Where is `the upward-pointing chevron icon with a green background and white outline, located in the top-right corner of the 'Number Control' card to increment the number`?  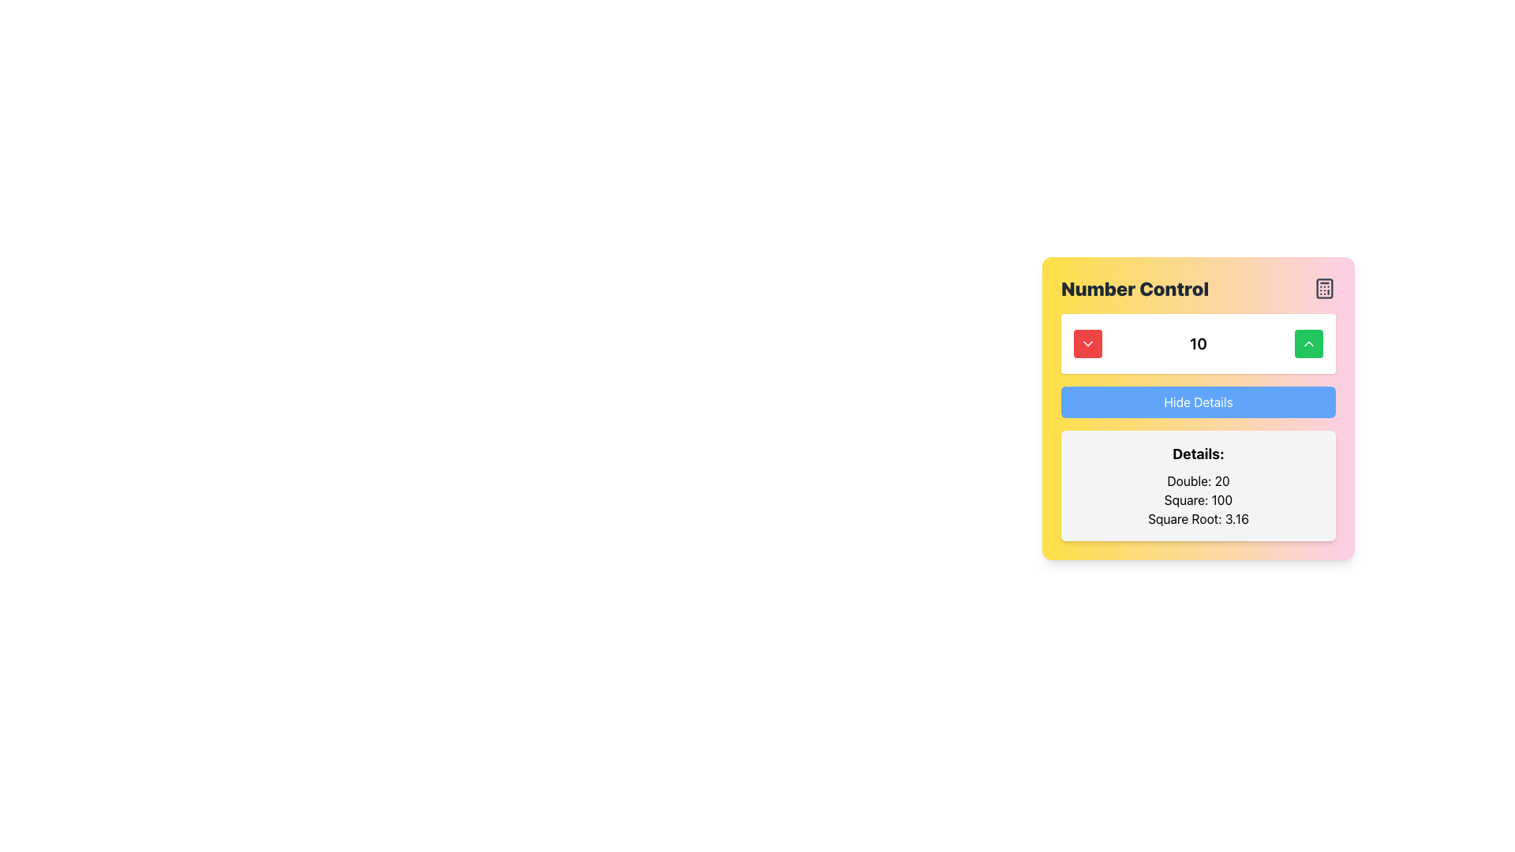 the upward-pointing chevron icon with a green background and white outline, located in the top-right corner of the 'Number Control' card to increment the number is located at coordinates (1309, 342).